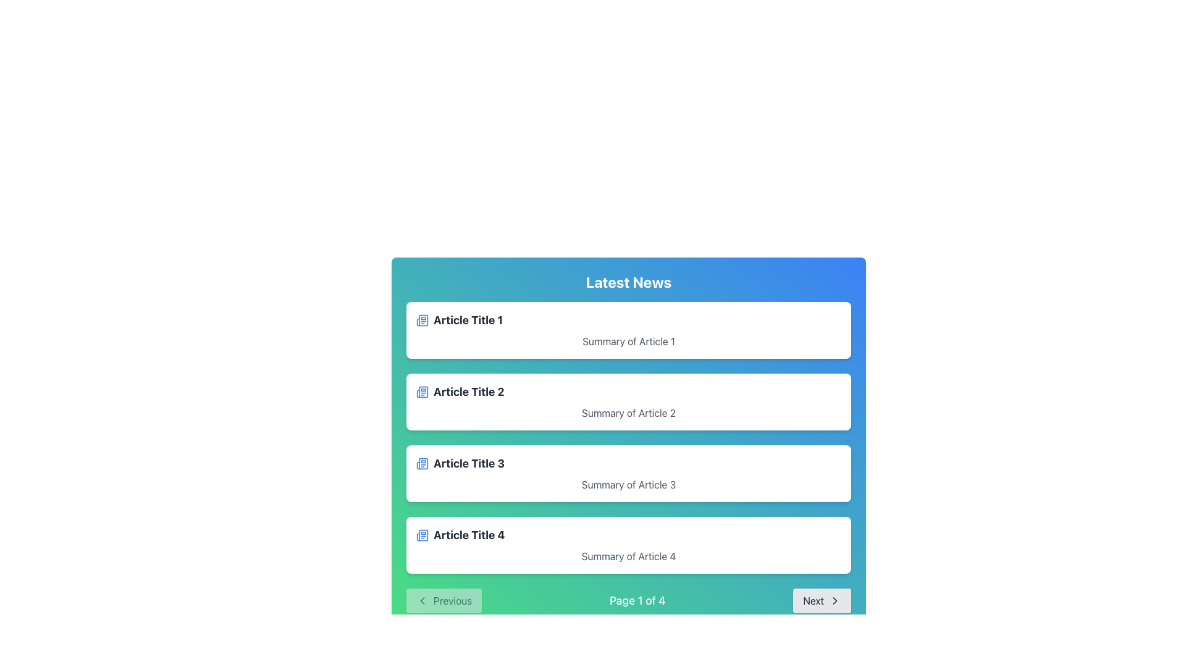  Describe the element at coordinates (468, 392) in the screenshot. I see `the text label 'Article Title 2', which is styled with bold and large font and aligned next to a newspaper icon in the 'Latest News' section` at that location.